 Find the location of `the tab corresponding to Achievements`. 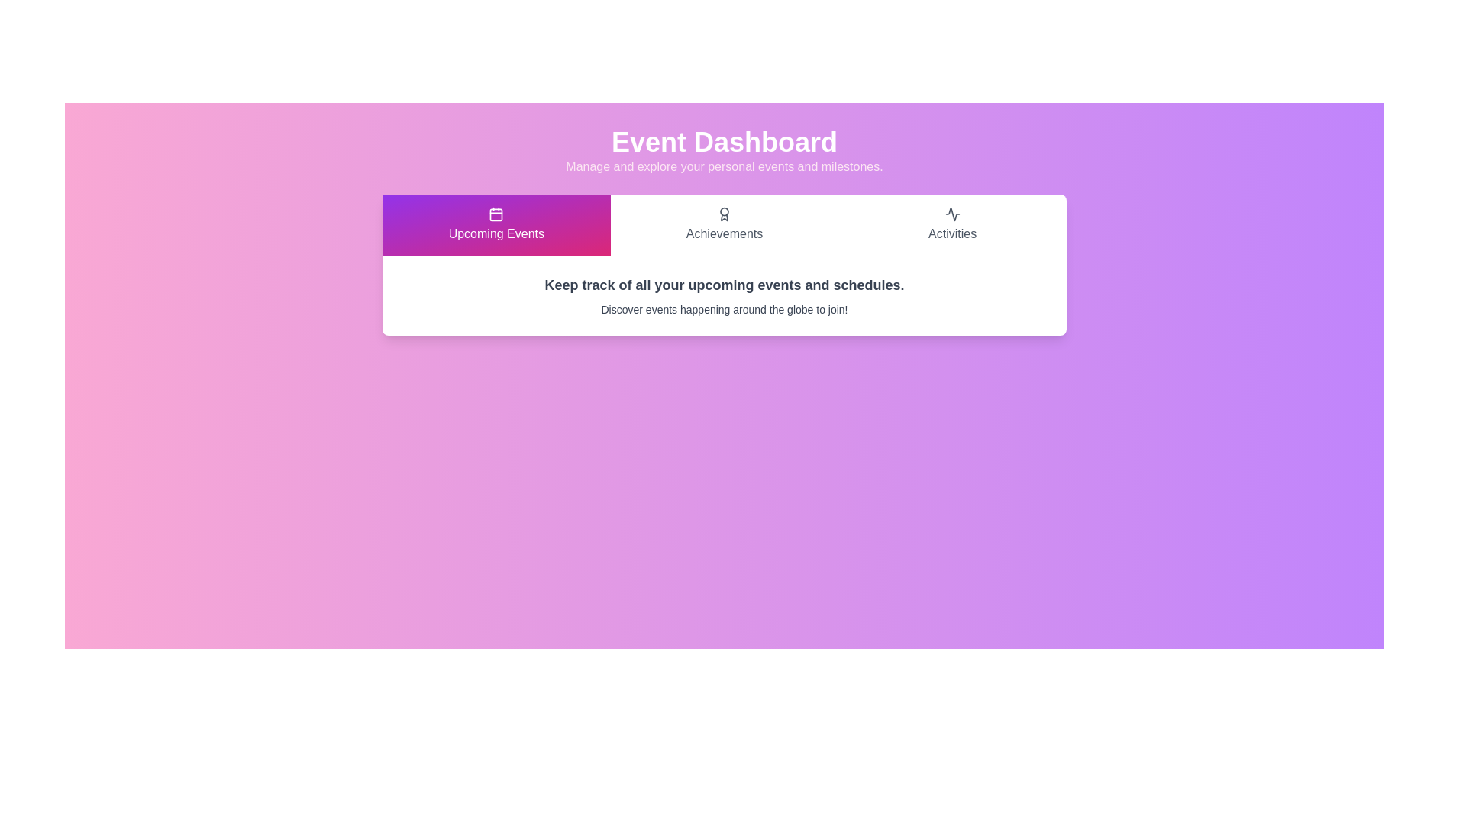

the tab corresponding to Achievements is located at coordinates (724, 224).